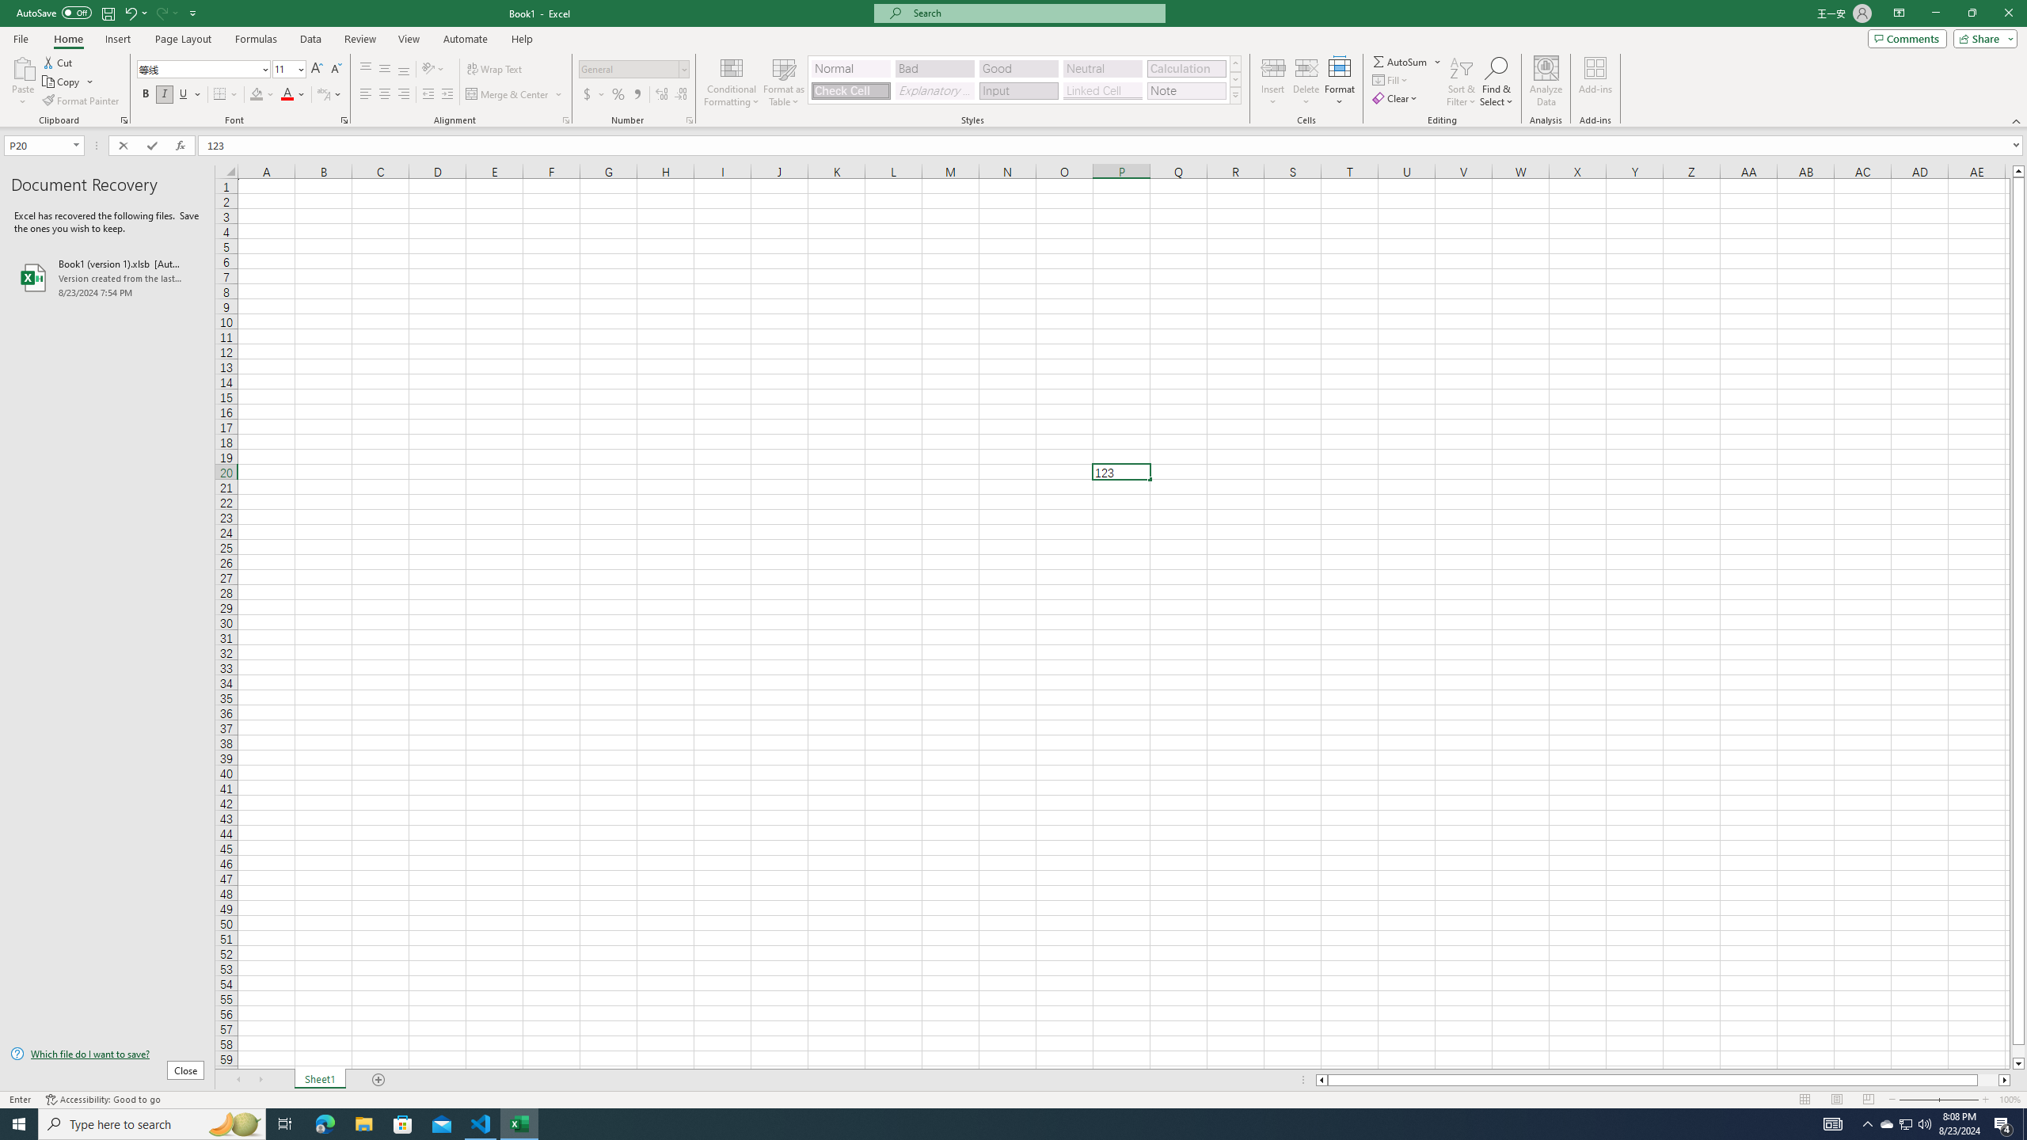 The image size is (2027, 1140). I want to click on 'Decrease Decimal', so click(681, 93).